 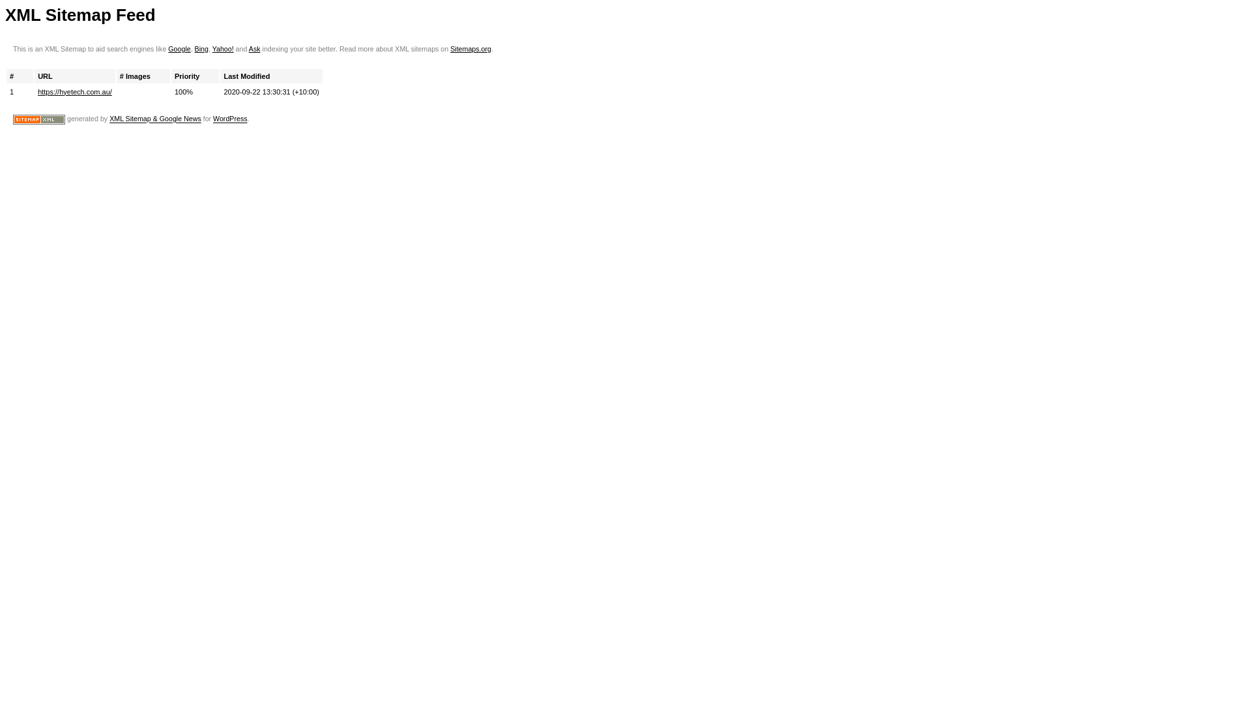 I want to click on 'Google', so click(x=178, y=48).